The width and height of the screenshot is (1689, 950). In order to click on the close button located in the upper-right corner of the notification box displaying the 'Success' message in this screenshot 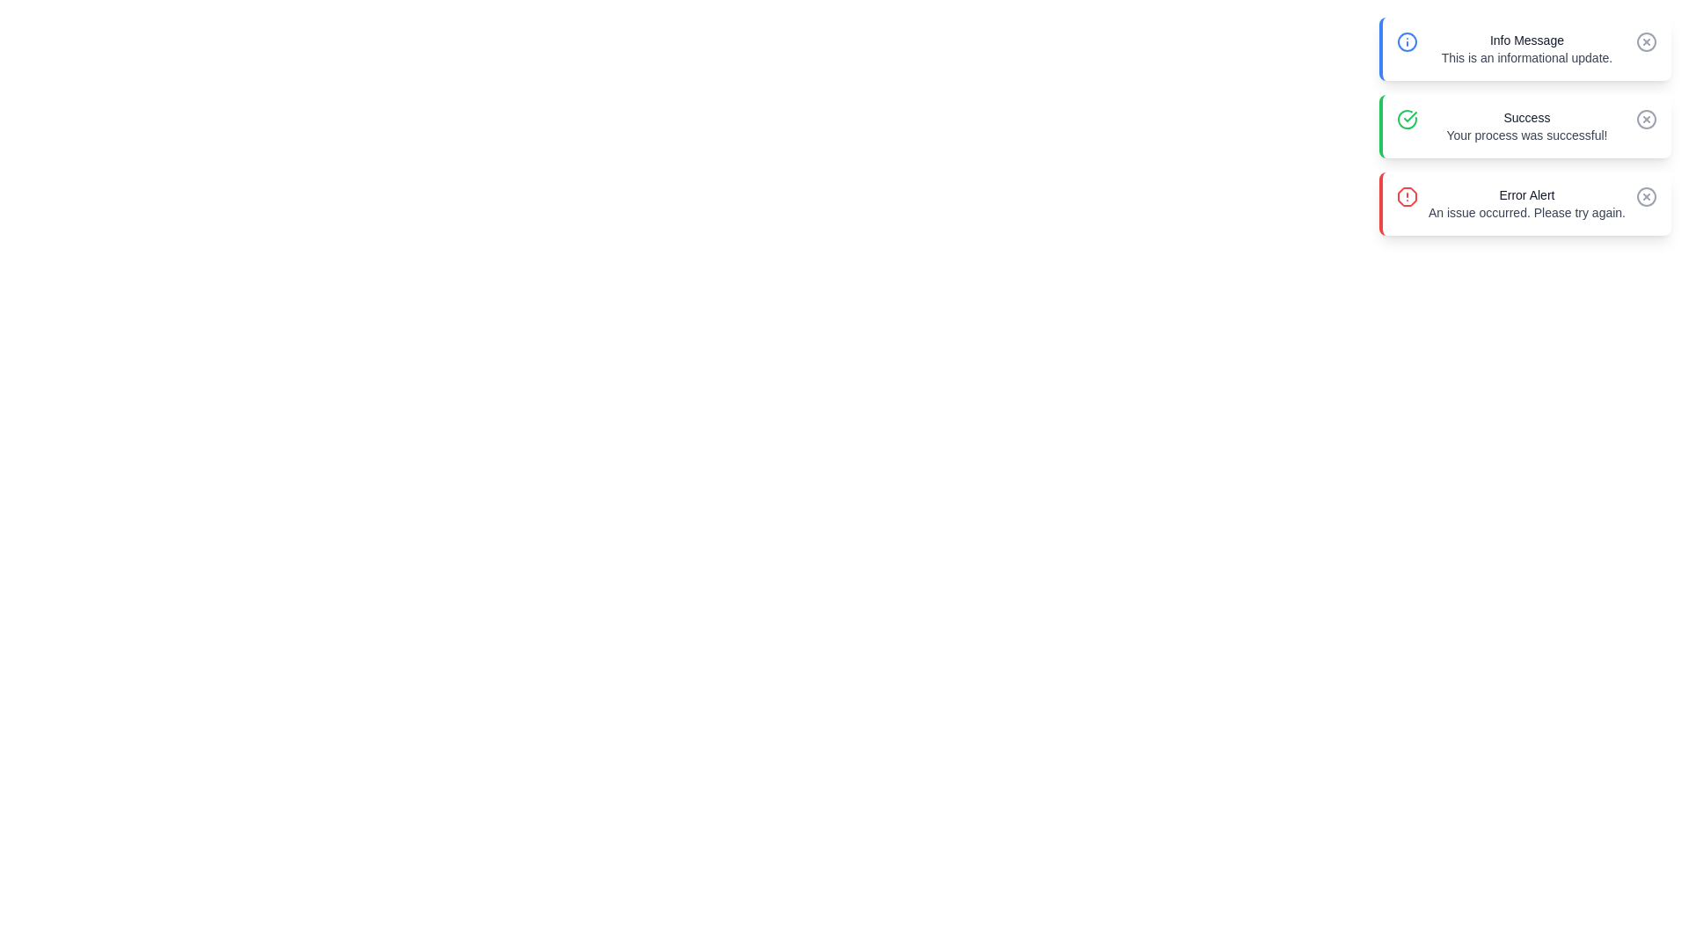, I will do `click(1646, 119)`.